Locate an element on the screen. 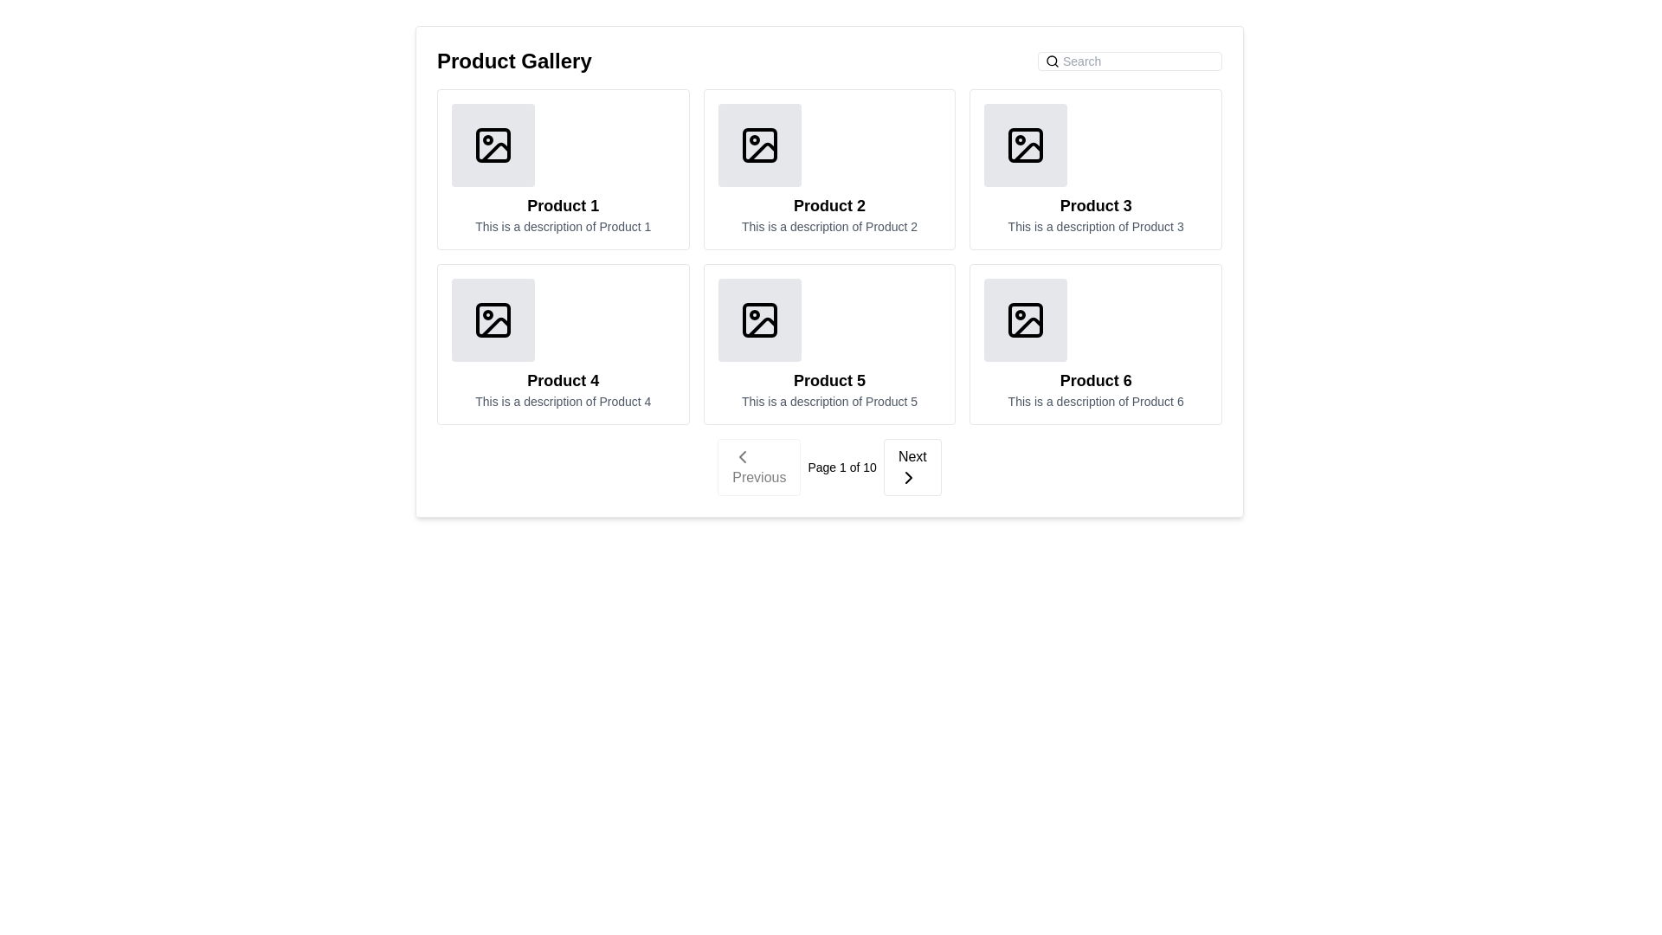 Image resolution: width=1662 pixels, height=935 pixels. text content of the label displaying 'This is a description of Product 2' in the second card of the product gallery is located at coordinates (828, 226).